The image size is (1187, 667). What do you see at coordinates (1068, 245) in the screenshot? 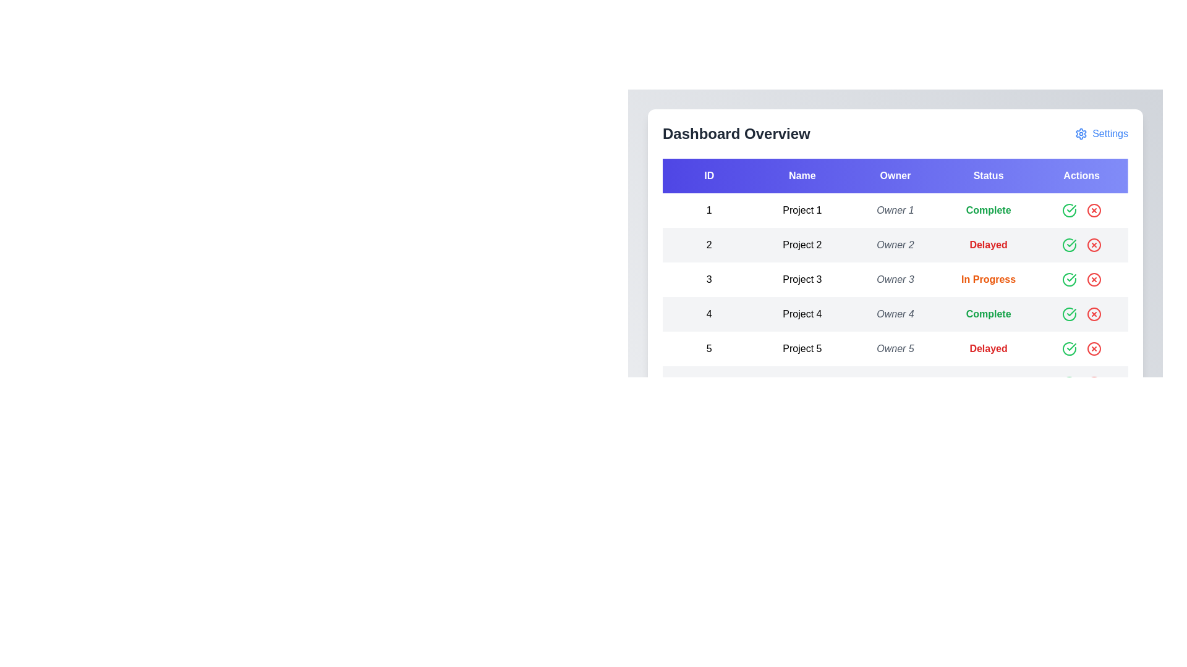
I see `green button in the actions column for the task with ID 2` at bounding box center [1068, 245].